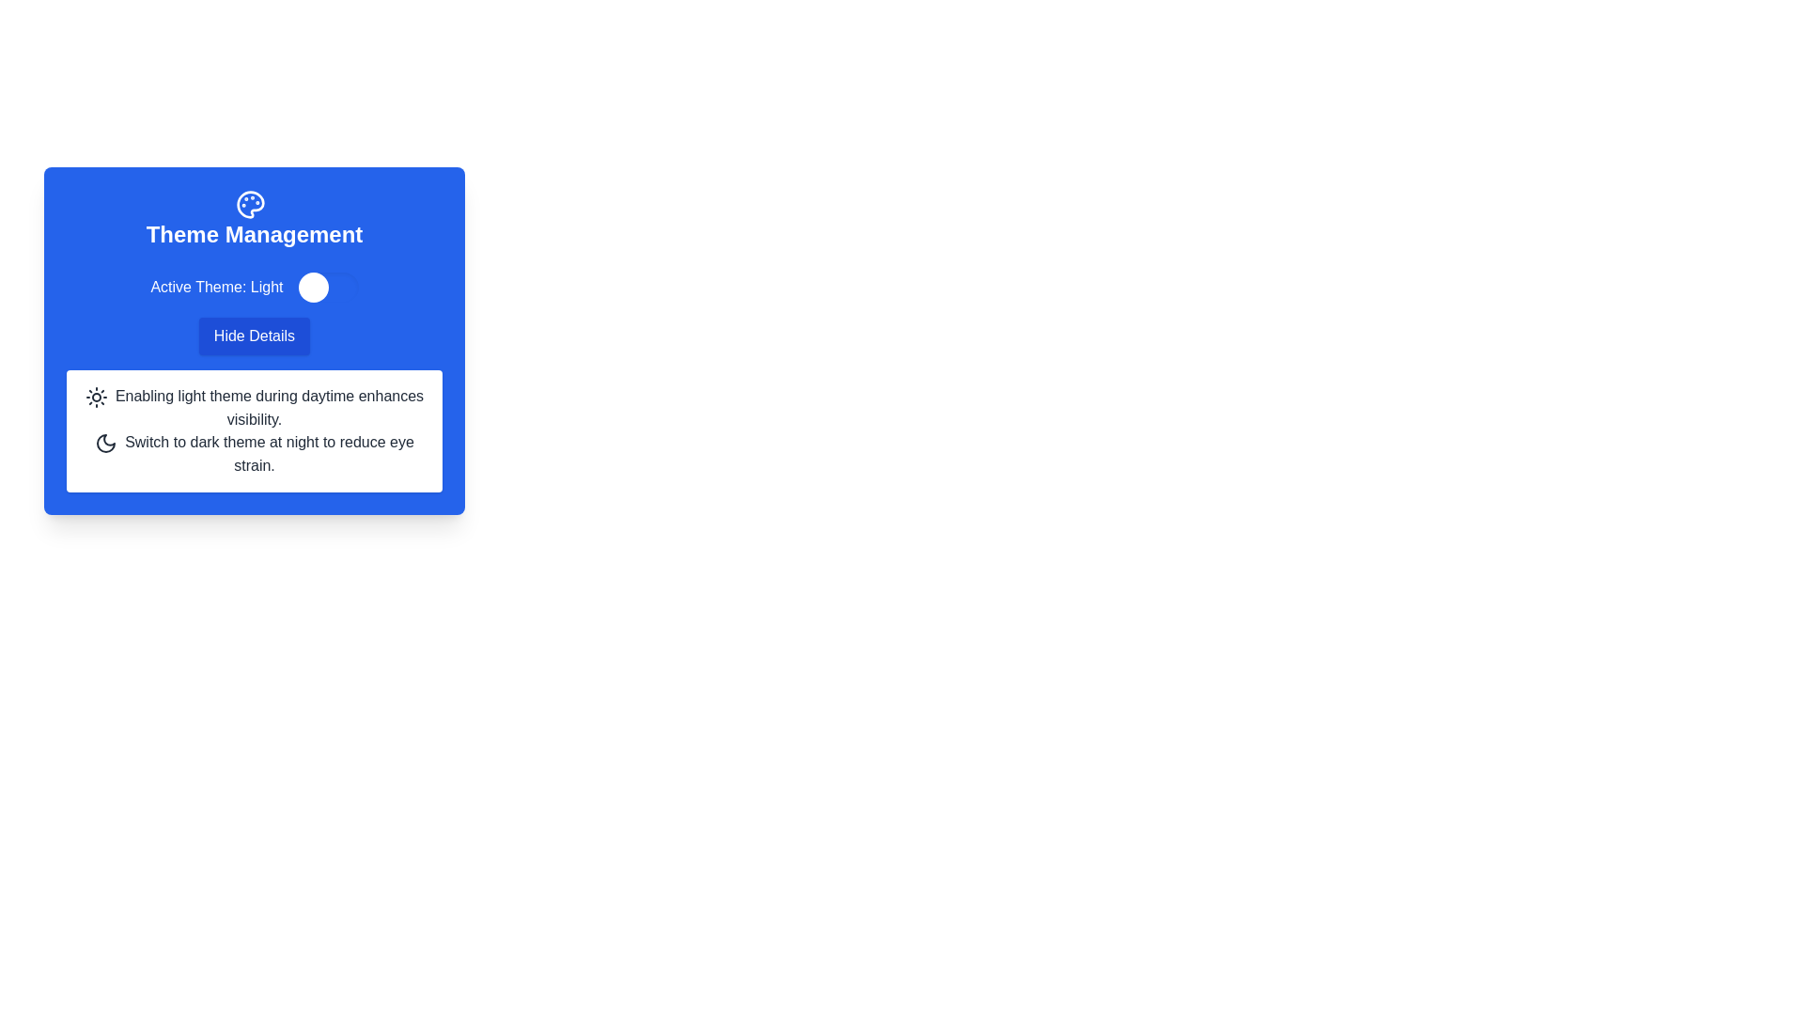 This screenshot has width=1804, height=1015. Describe the element at coordinates (105, 443) in the screenshot. I see `the moon icon that represents the dark theme option, located` at that location.